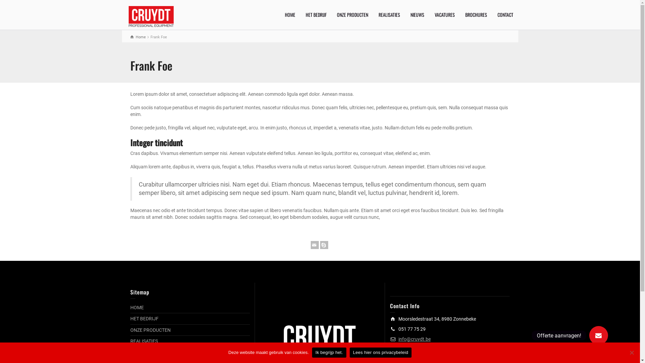 Image resolution: width=645 pixels, height=363 pixels. I want to click on 'HOME', so click(137, 307).